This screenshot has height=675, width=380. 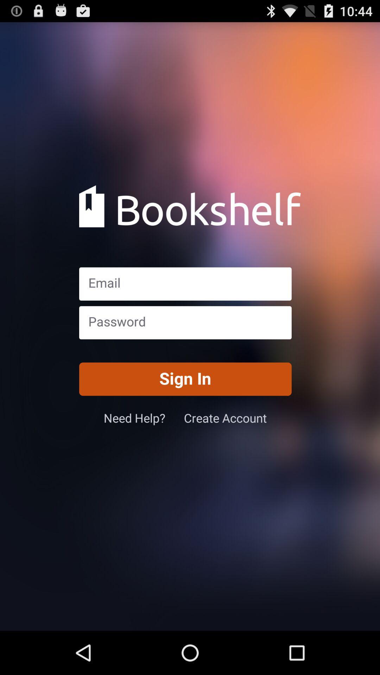 What do you see at coordinates (185, 379) in the screenshot?
I see `the sign in item` at bounding box center [185, 379].